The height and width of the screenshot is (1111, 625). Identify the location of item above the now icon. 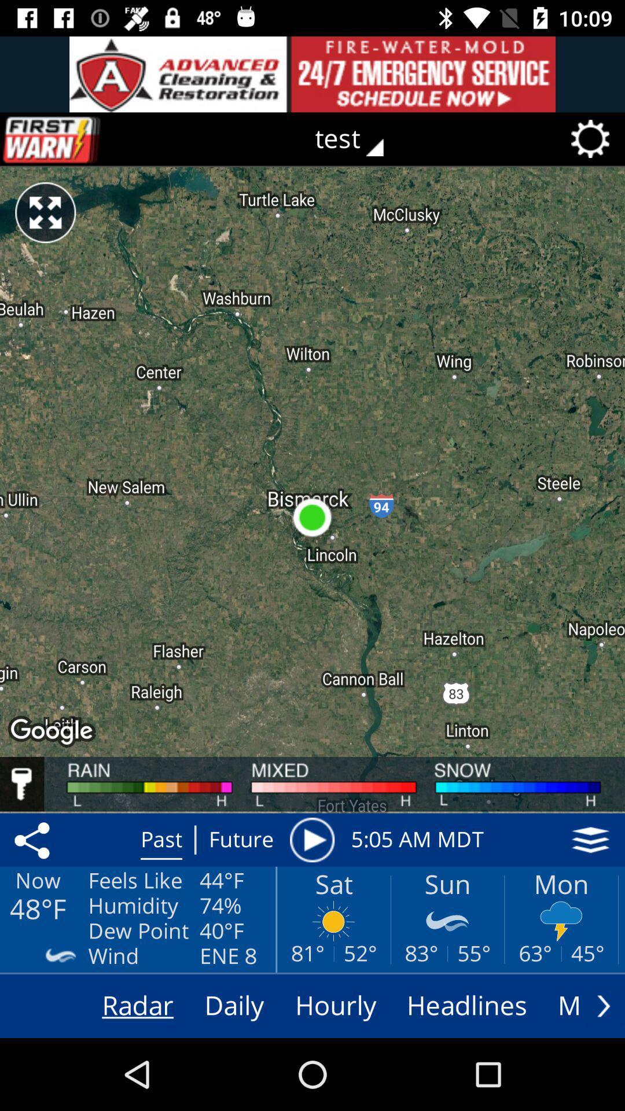
(34, 840).